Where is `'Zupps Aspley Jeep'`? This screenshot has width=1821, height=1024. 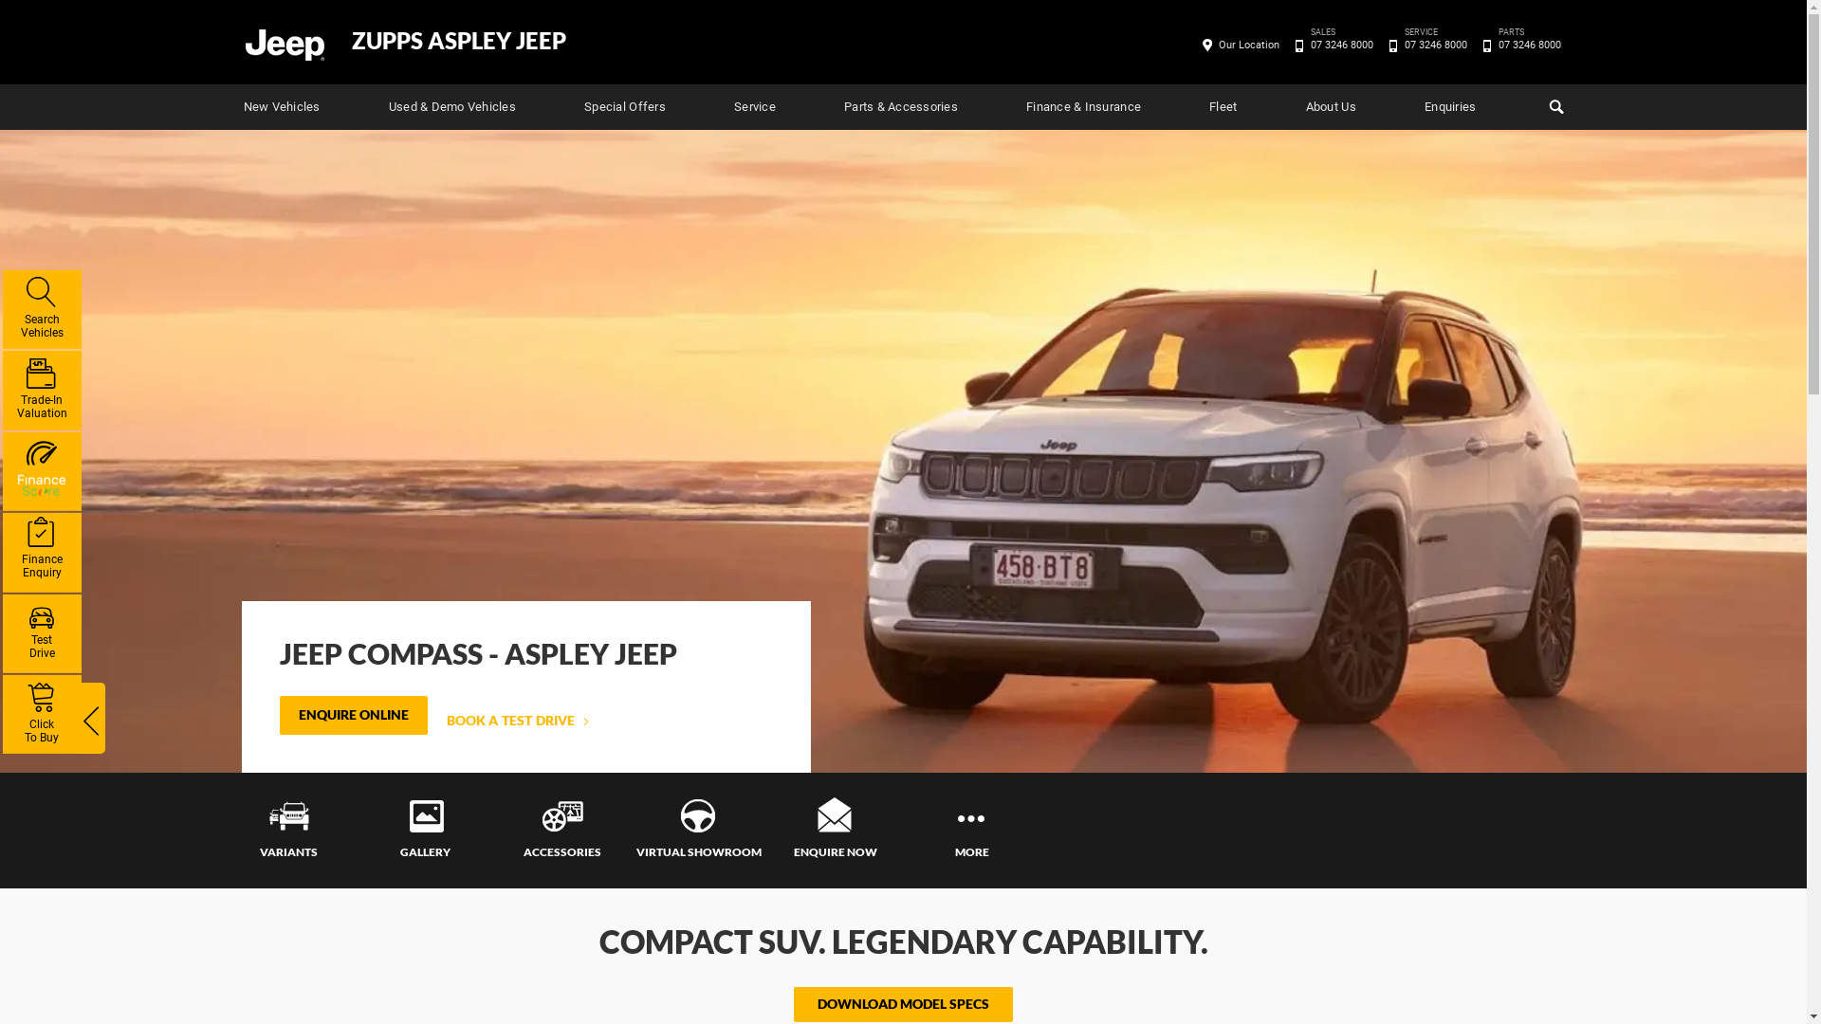
'Zupps Aspley Jeep' is located at coordinates (282, 43).